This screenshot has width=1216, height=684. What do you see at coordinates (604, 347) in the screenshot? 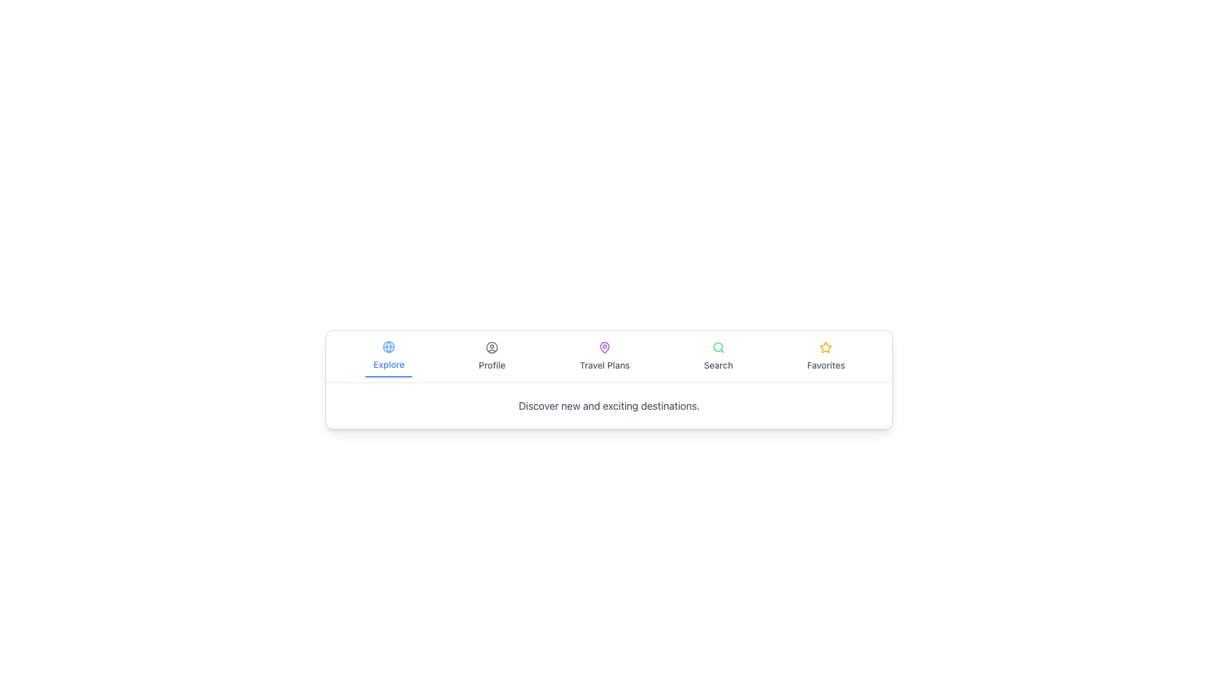
I see `the 'Travel Plans' icon located in the navigation bar at the bottom of the interface, which is the second icon from the left` at bounding box center [604, 347].